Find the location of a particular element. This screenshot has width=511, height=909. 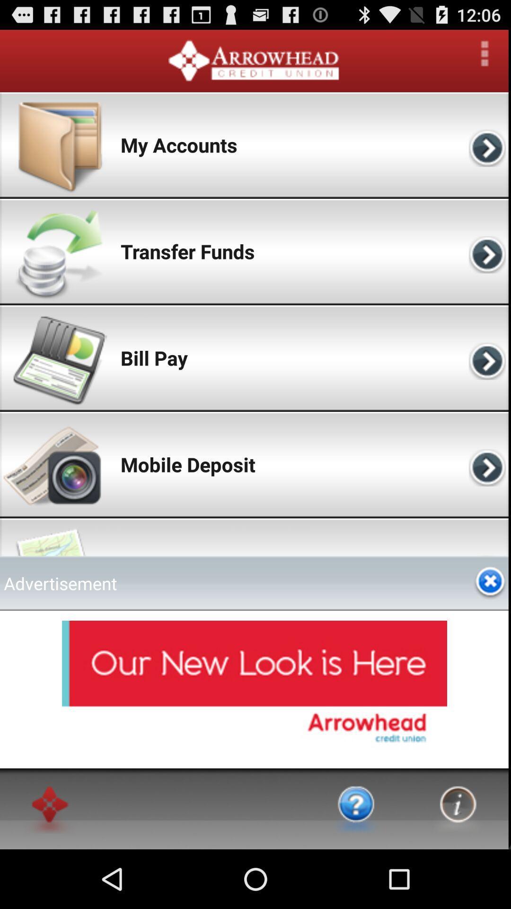

the article is located at coordinates (490, 582).